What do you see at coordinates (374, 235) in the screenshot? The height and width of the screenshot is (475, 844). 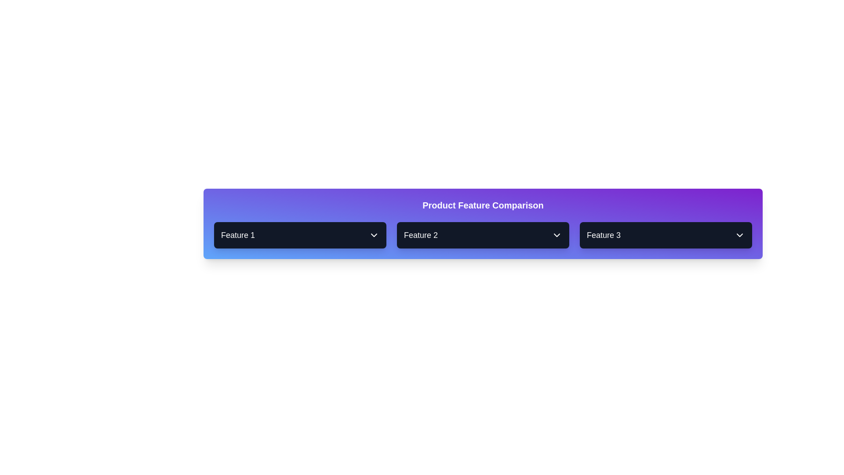 I see `the downward-pointing chevron icon located to the right of the 'Feature 1' text` at bounding box center [374, 235].